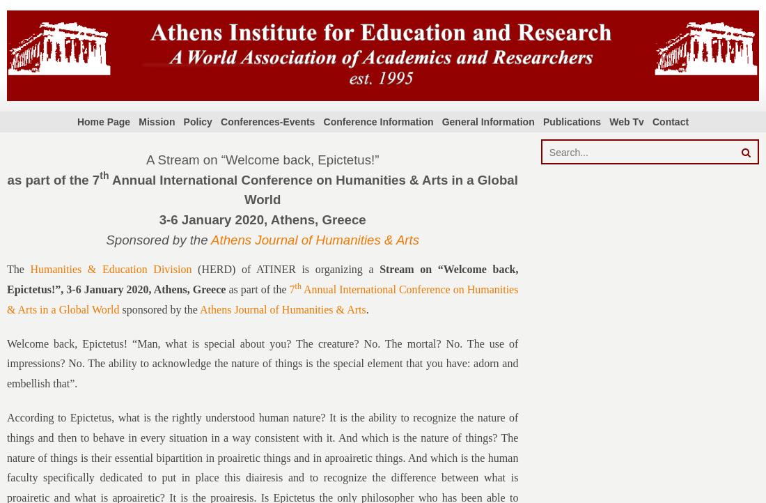 The image size is (766, 503). I want to click on '.', so click(366, 308).